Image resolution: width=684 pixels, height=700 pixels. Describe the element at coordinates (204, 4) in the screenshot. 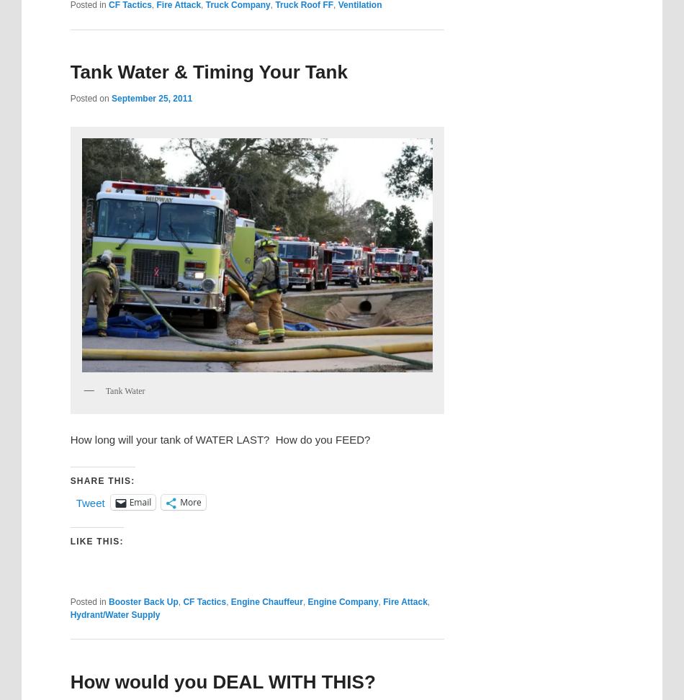

I see `'Truck Company'` at that location.